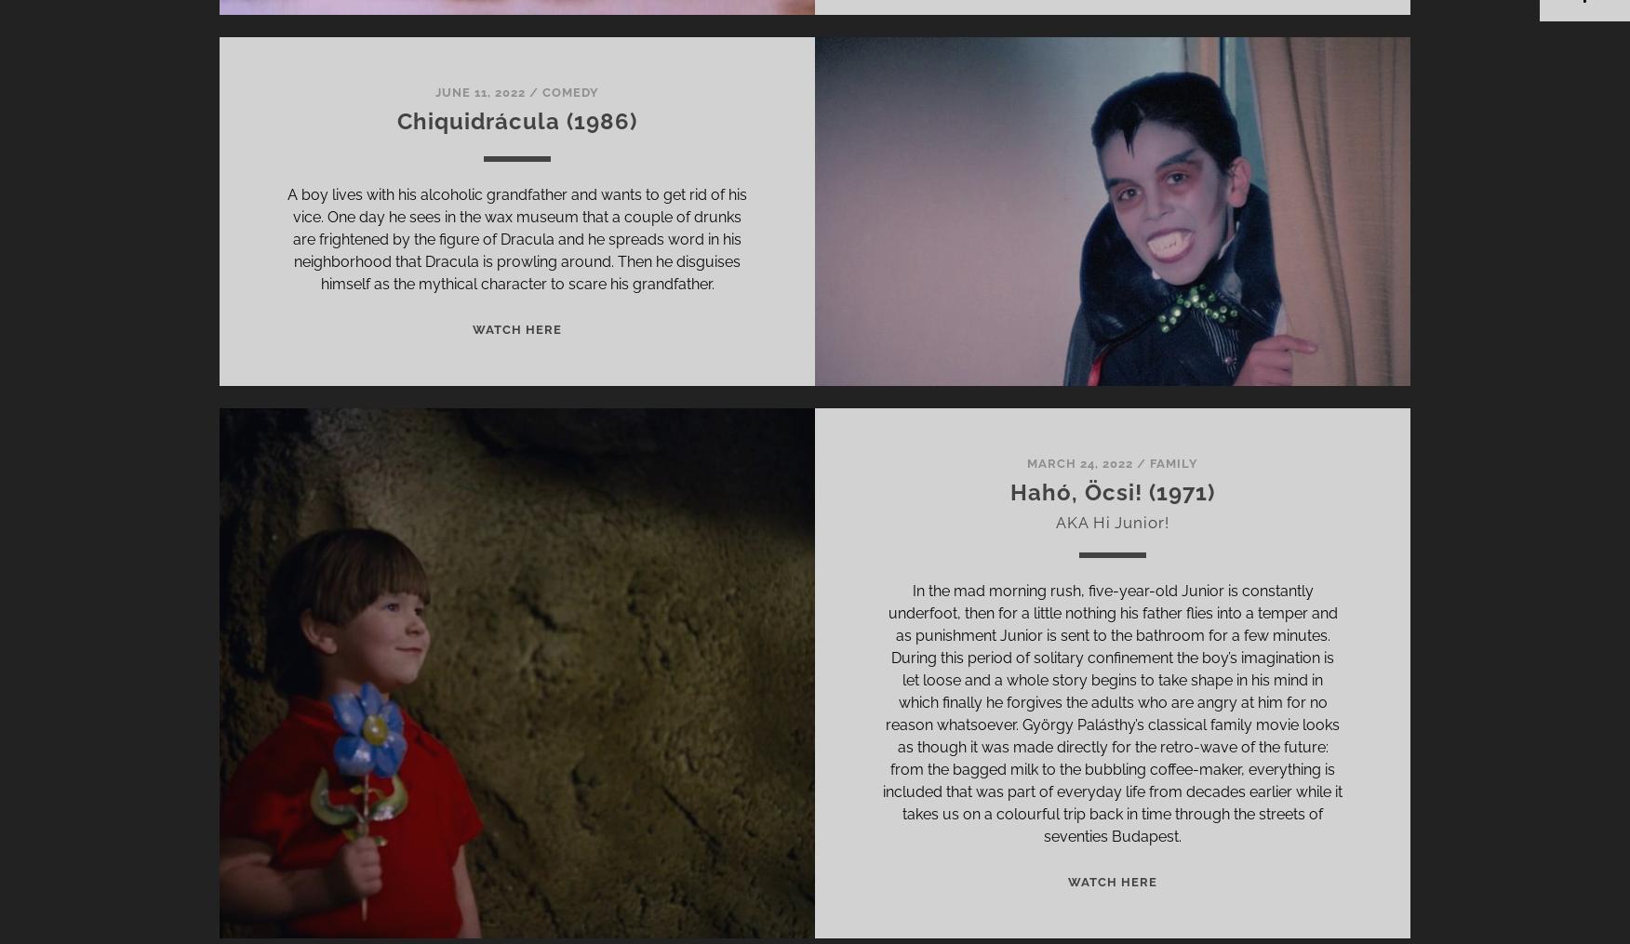 This screenshot has width=1630, height=944. Describe the element at coordinates (1112, 523) in the screenshot. I see `'AKA Hi Junior!'` at that location.